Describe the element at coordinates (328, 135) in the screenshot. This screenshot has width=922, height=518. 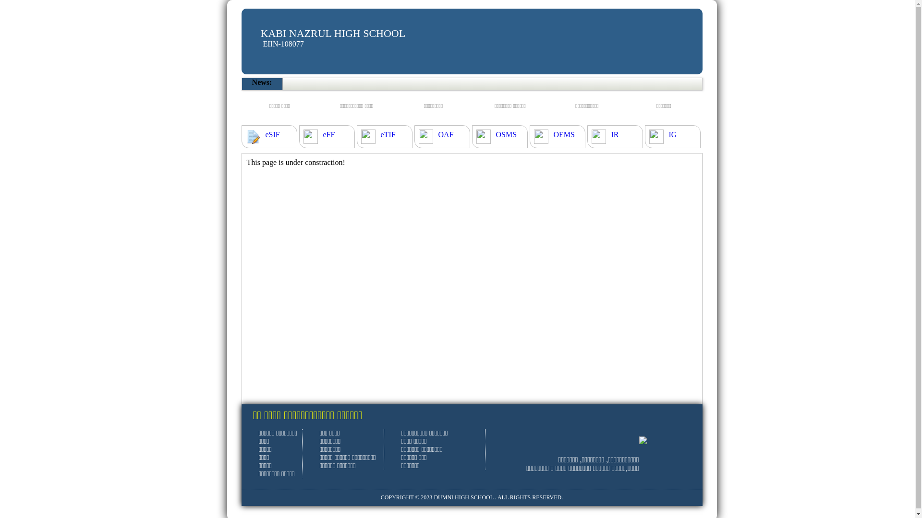
I see `'eFF'` at that location.